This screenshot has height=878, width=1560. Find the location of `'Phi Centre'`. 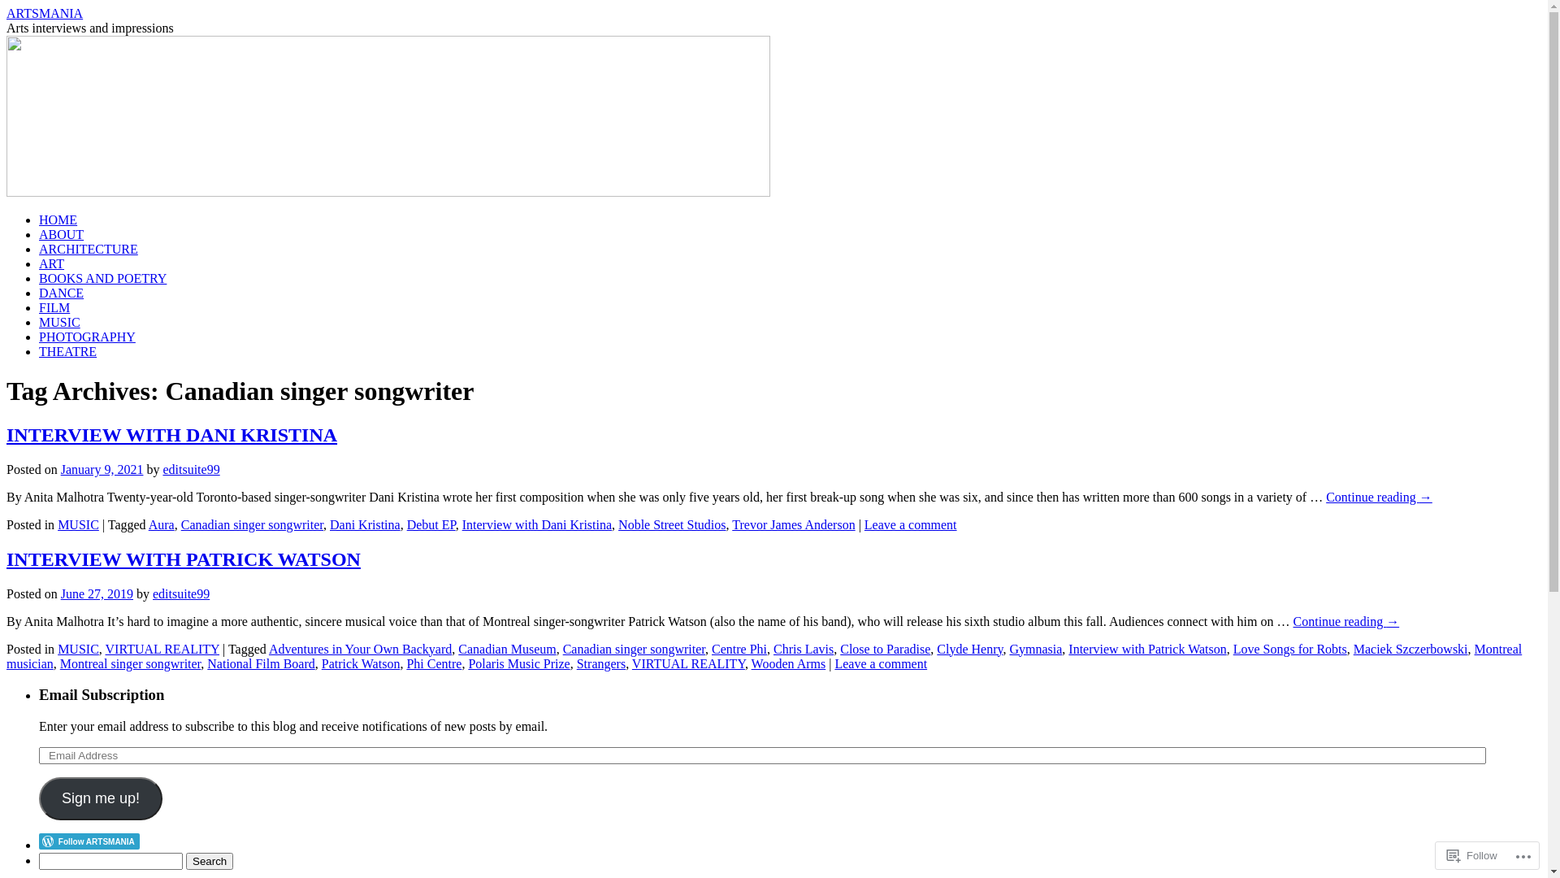

'Phi Centre' is located at coordinates (433, 663).